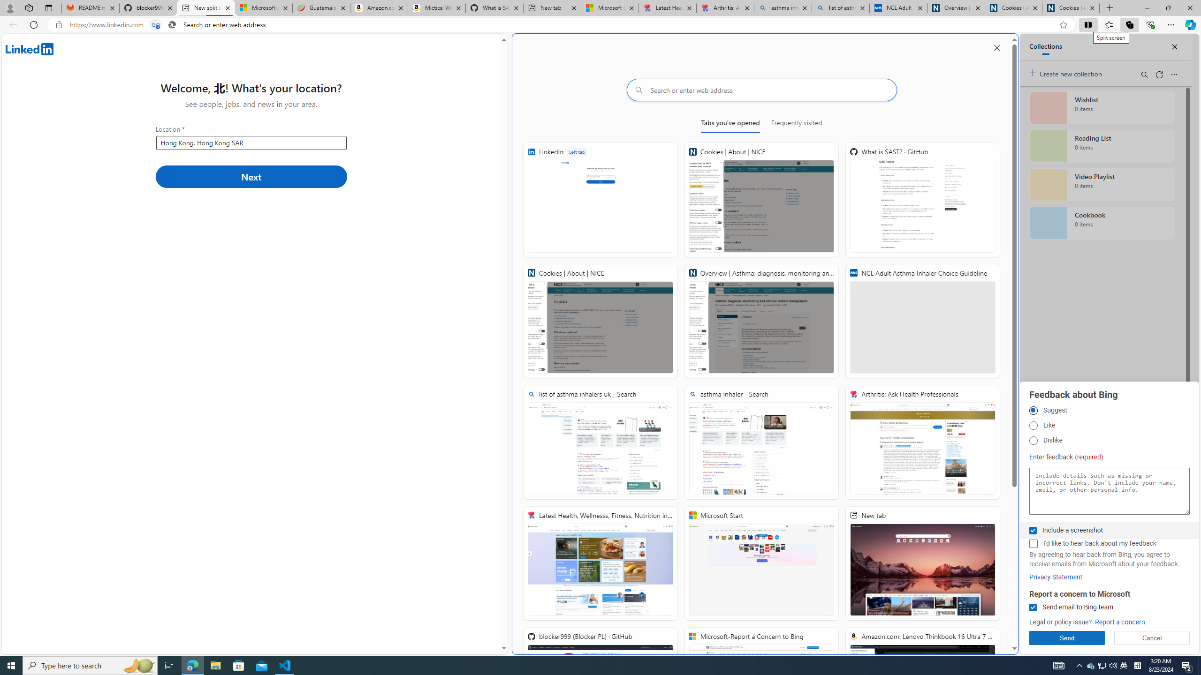 The width and height of the screenshot is (1201, 675). What do you see at coordinates (1033, 607) in the screenshot?
I see `'Send email to Bing team'` at bounding box center [1033, 607].